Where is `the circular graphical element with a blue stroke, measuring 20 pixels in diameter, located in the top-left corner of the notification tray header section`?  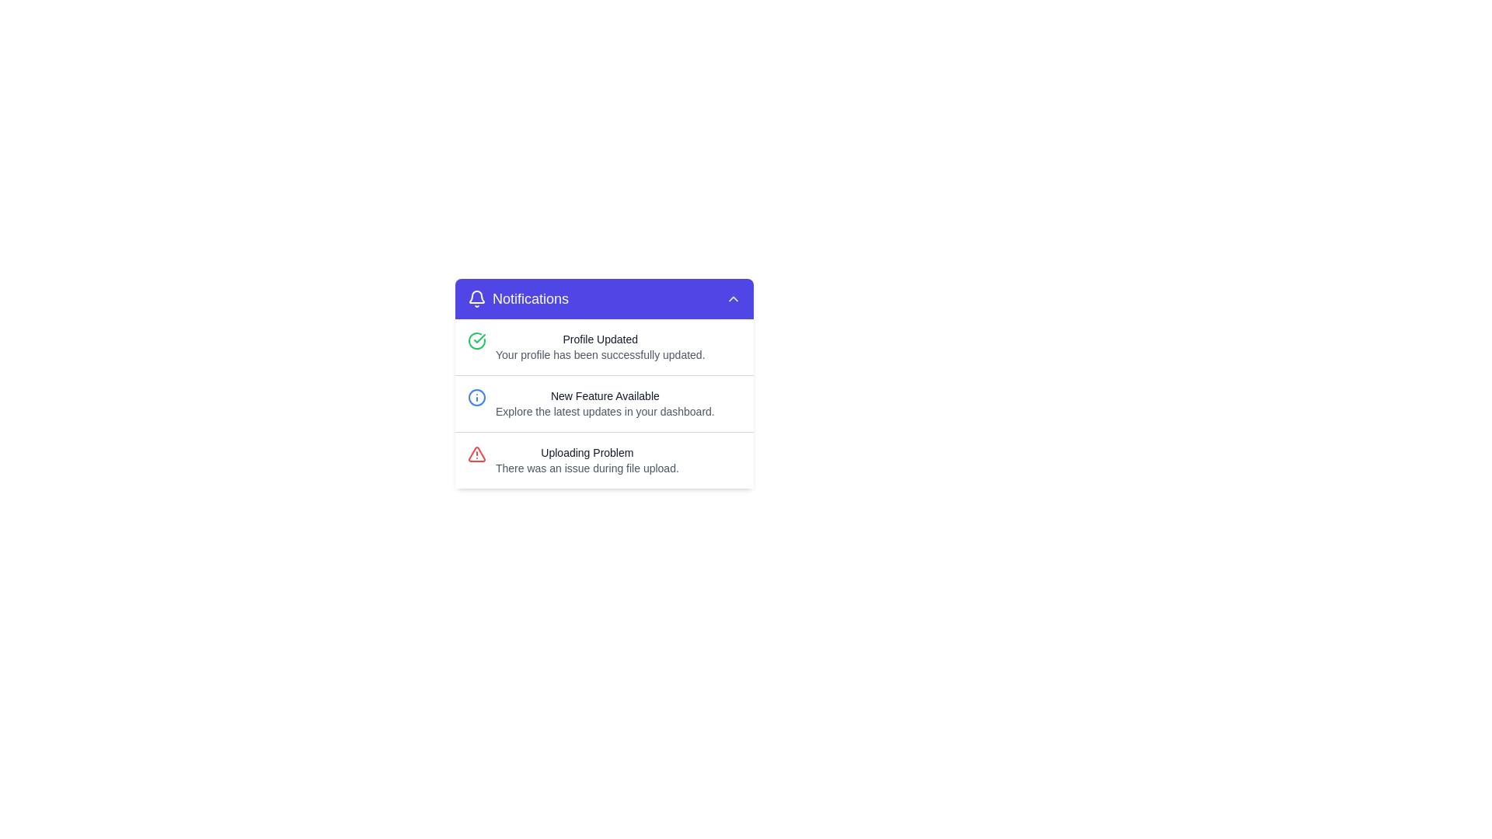 the circular graphical element with a blue stroke, measuring 20 pixels in diameter, located in the top-left corner of the notification tray header section is located at coordinates (476, 397).